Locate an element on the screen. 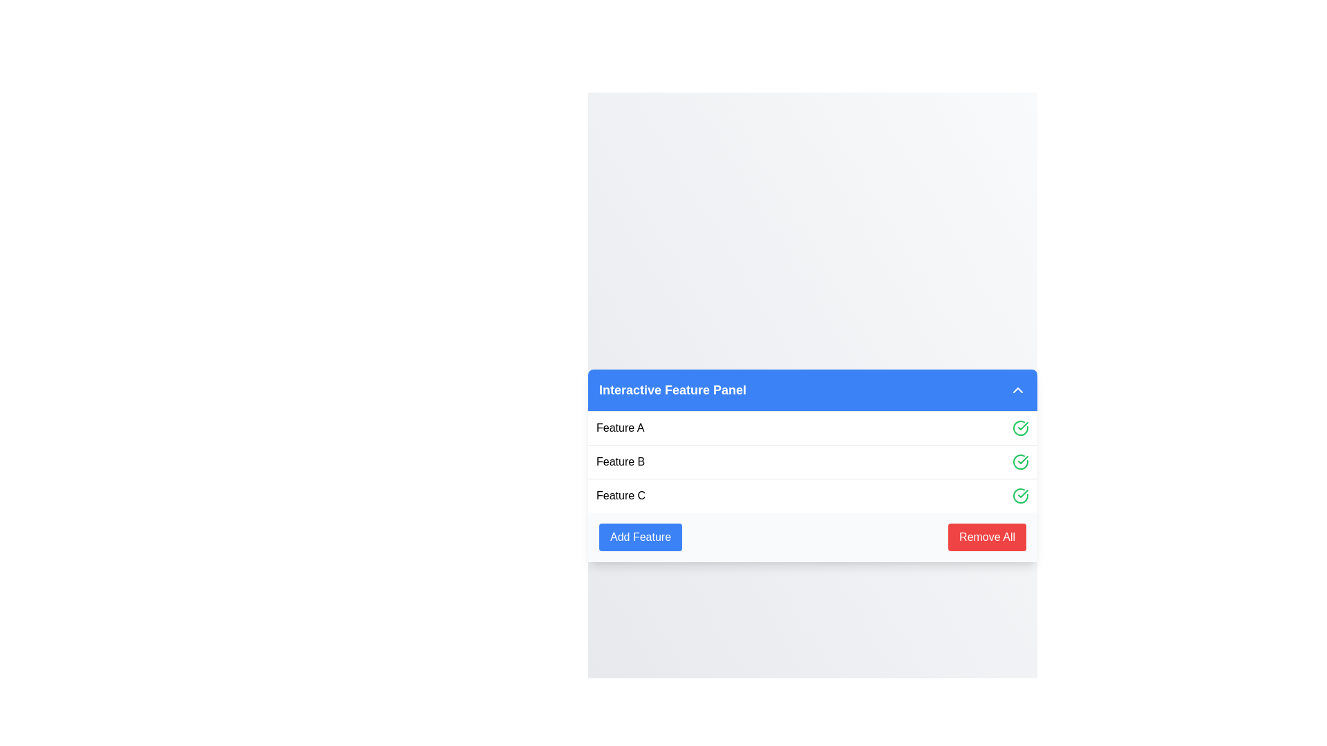 This screenshot has width=1327, height=746. the Label indicating 'Feature C', which is centered vertically within its row and located below 'Feature A' and 'Feature B' is located at coordinates (620, 495).